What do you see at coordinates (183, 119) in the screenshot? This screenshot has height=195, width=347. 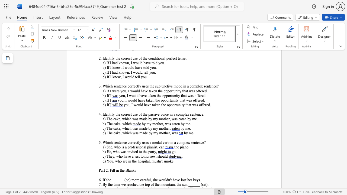 I see `the subset text "en b" within the text "a) The cake, which was made by my mother, was eaten by me."` at bounding box center [183, 119].